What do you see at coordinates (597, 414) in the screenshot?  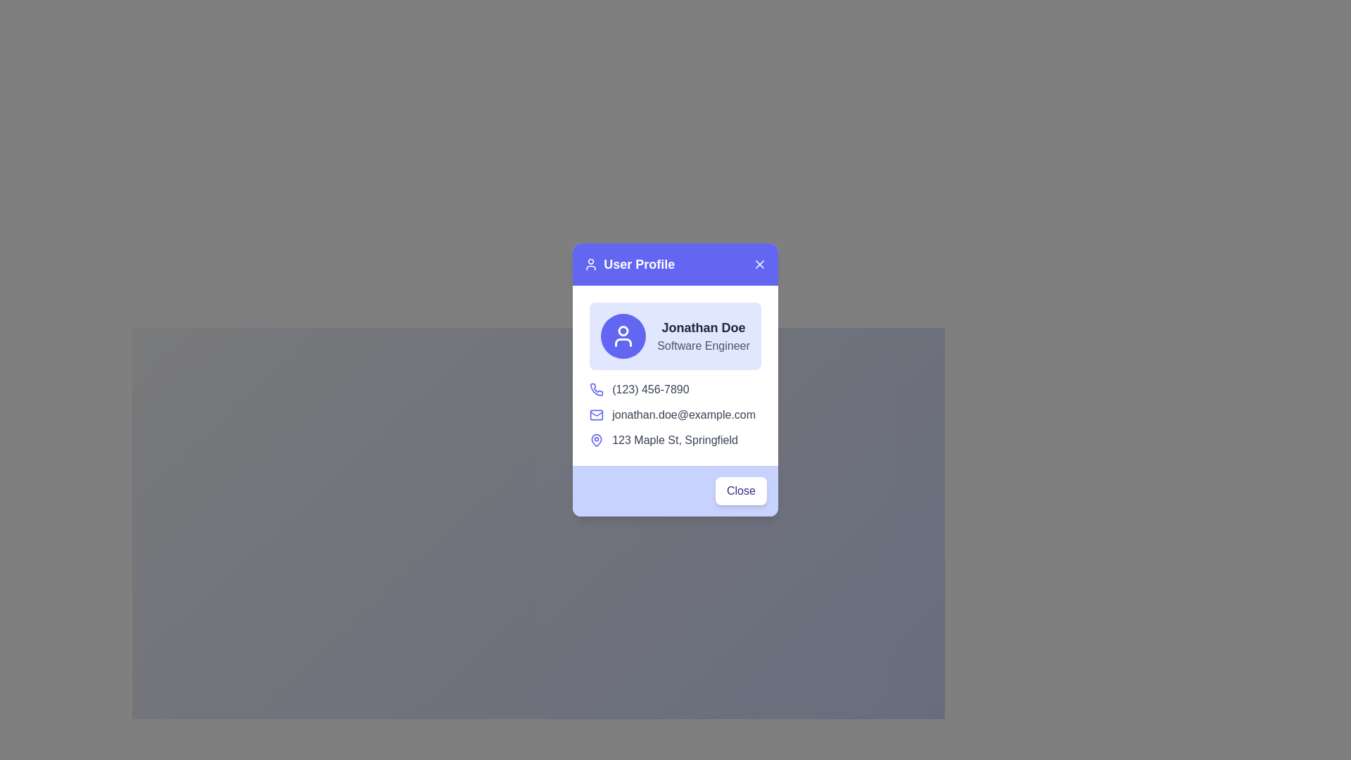 I see `the mail icon, which is an outlined envelope in bold text-indigo-500 color, located to the left of the email address 'jonathan.doe@example.com' within the profile card` at bounding box center [597, 414].